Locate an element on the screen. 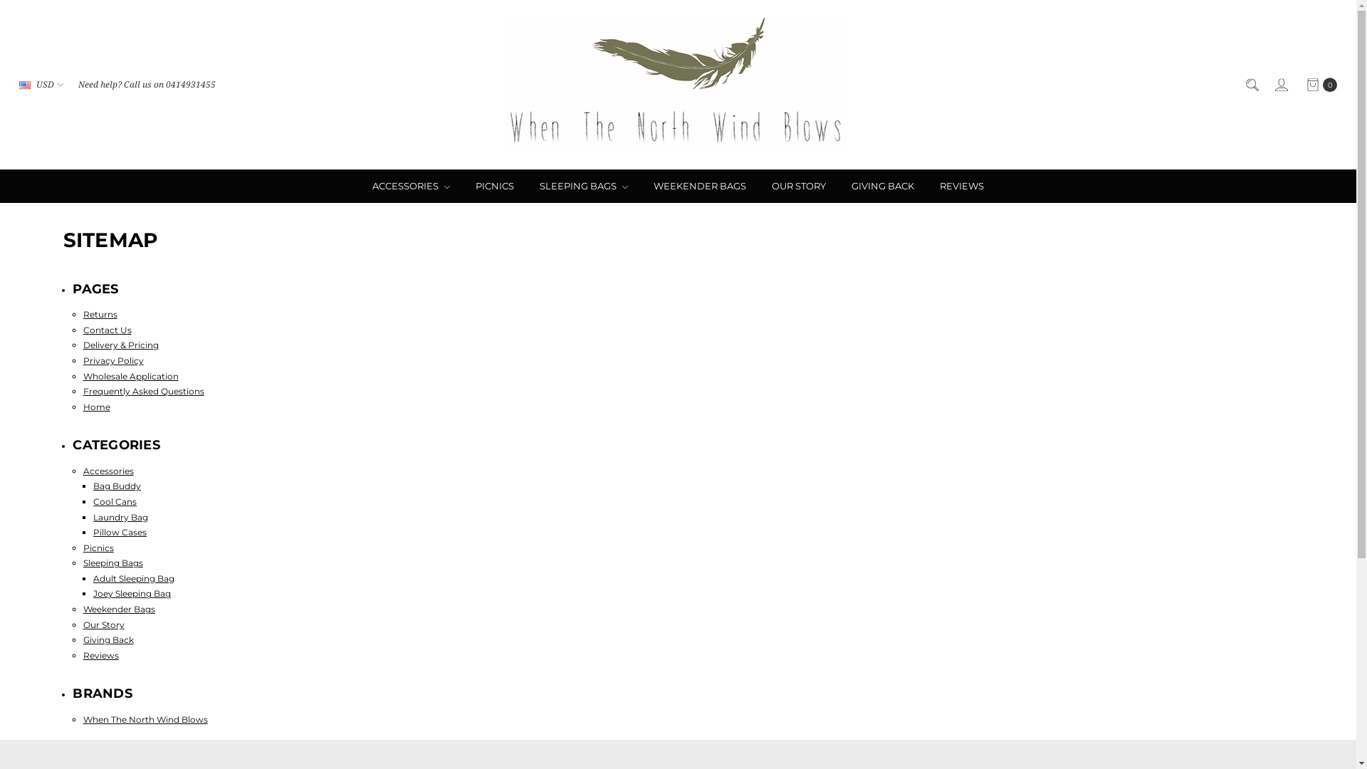 This screenshot has height=769, width=1367. 'SLEEPING BAGS' is located at coordinates (584, 185).